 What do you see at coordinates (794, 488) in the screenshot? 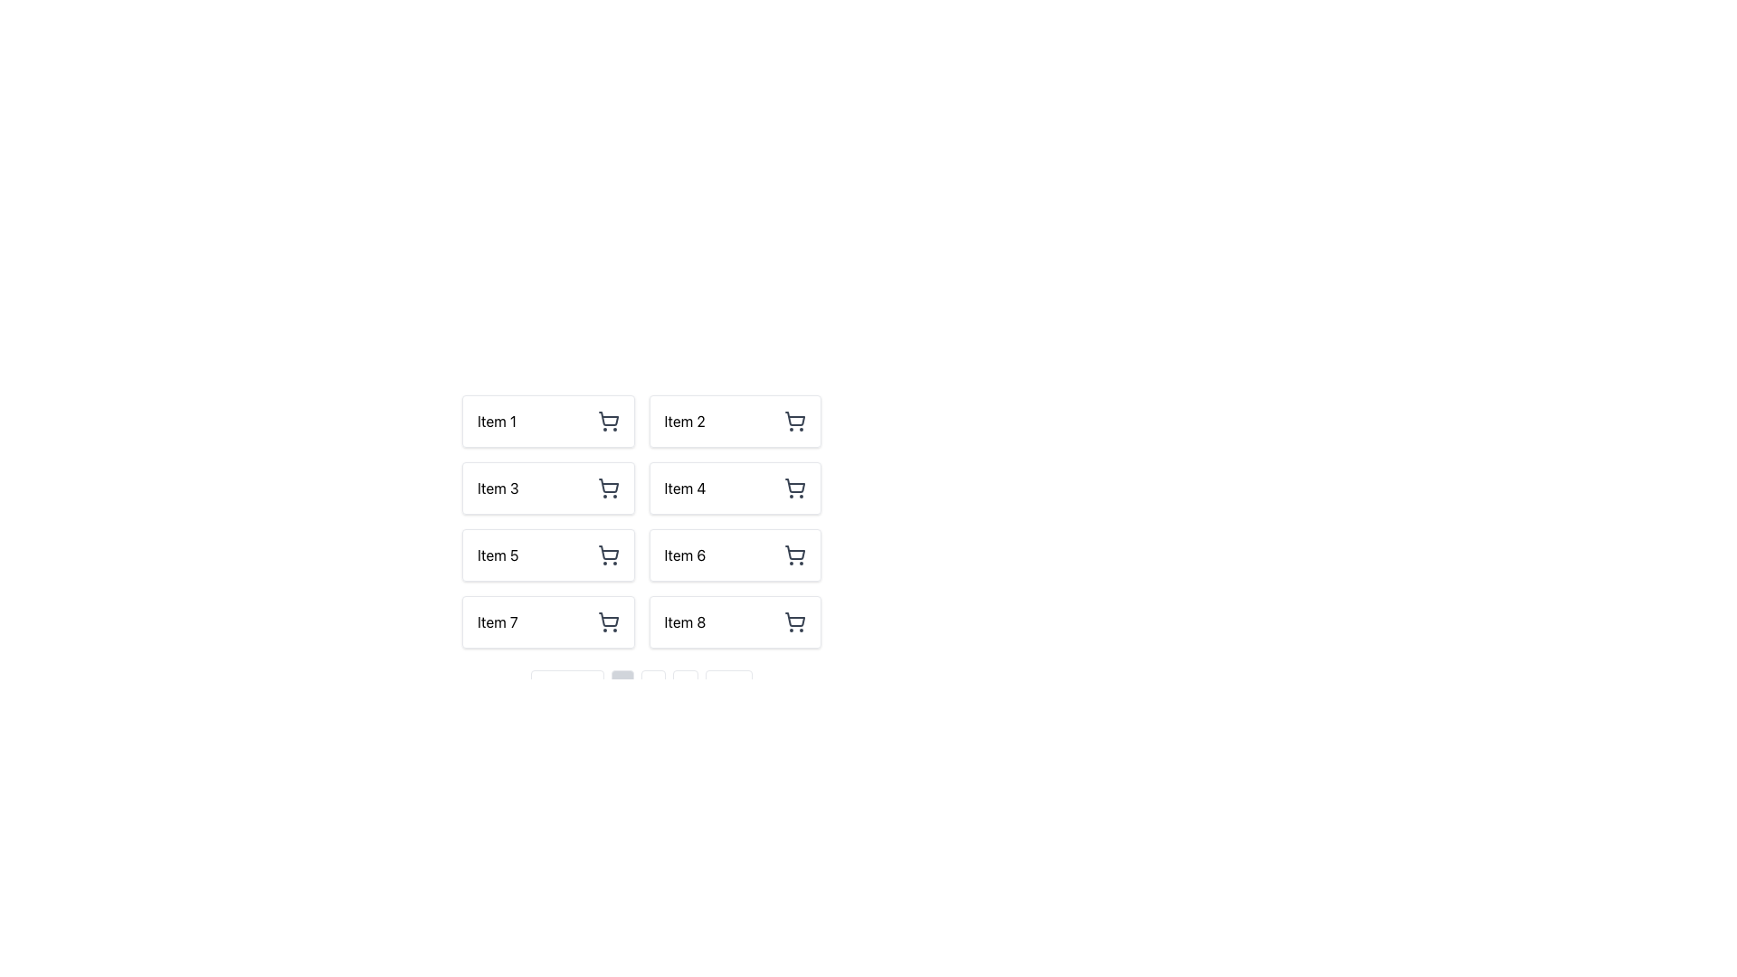
I see `the shopping cart icon located in the 'Item 4' section` at bounding box center [794, 488].